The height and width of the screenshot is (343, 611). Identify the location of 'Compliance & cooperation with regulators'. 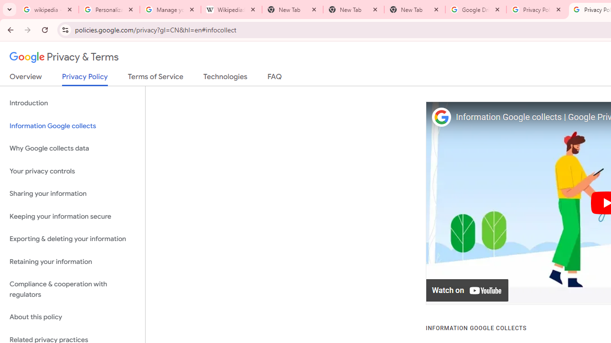
(72, 289).